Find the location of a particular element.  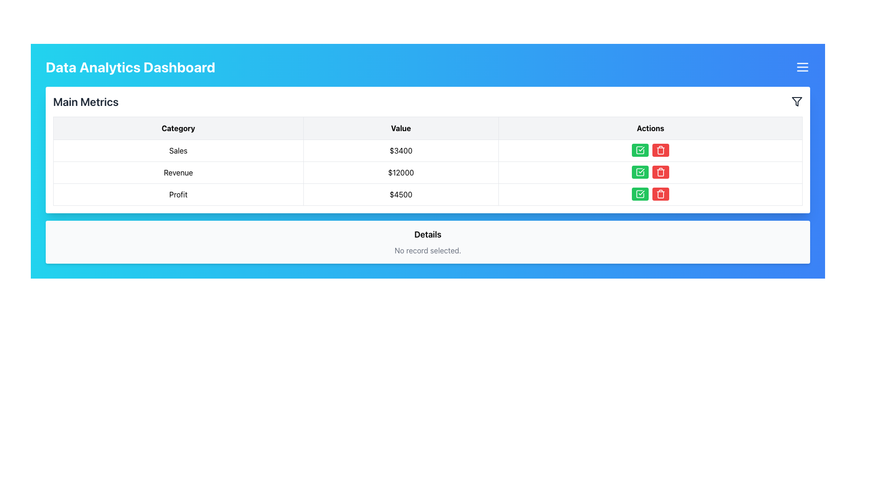

the icon located in the third row under the 'Actions' column of the table, which serves as a visual indicator for confirming or selecting a specific action related to that row is located at coordinates (640, 172).